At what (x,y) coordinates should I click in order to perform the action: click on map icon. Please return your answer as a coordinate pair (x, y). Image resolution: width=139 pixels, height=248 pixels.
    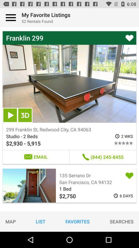
    Looking at the image, I should click on (11, 221).